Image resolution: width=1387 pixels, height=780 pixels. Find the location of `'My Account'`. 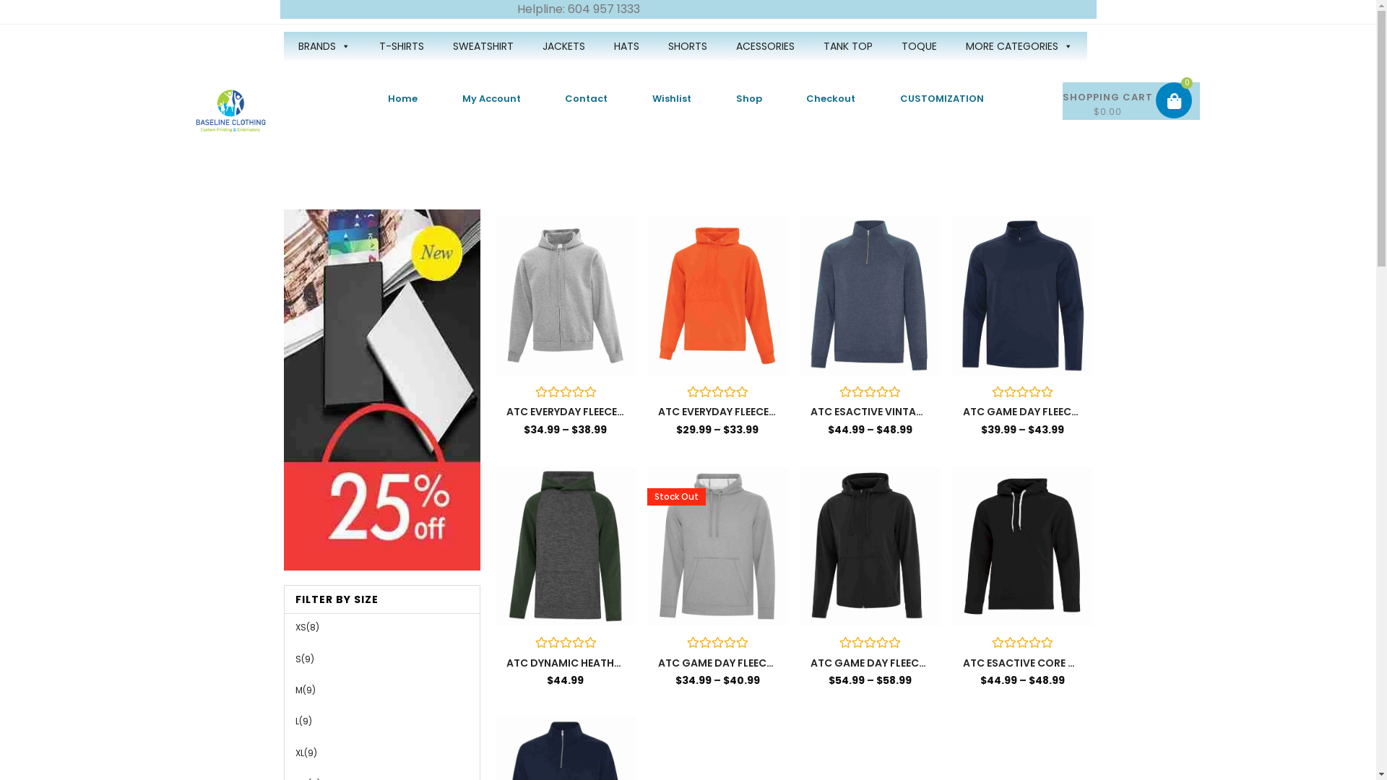

'My Account' is located at coordinates (491, 98).